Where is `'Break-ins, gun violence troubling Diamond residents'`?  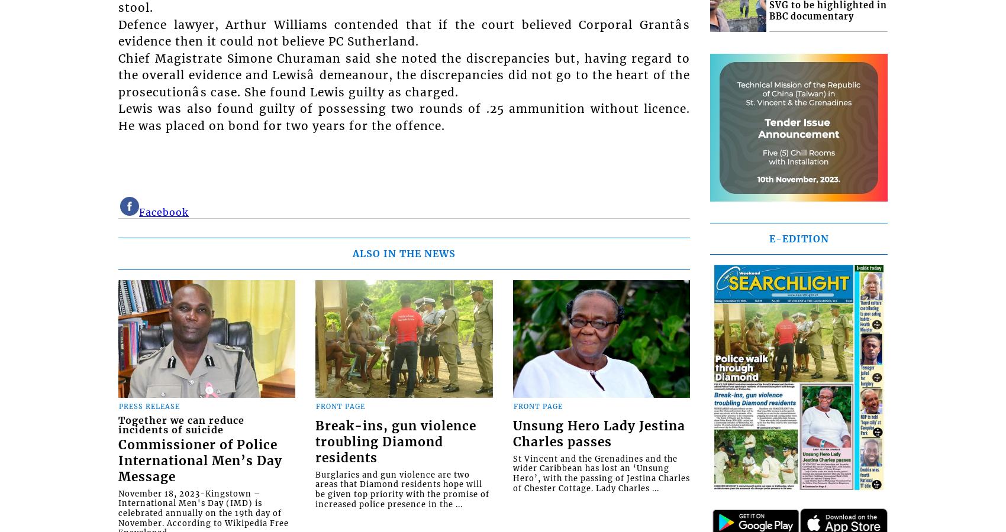 'Break-ins, gun violence troubling Diamond residents' is located at coordinates (395, 441).